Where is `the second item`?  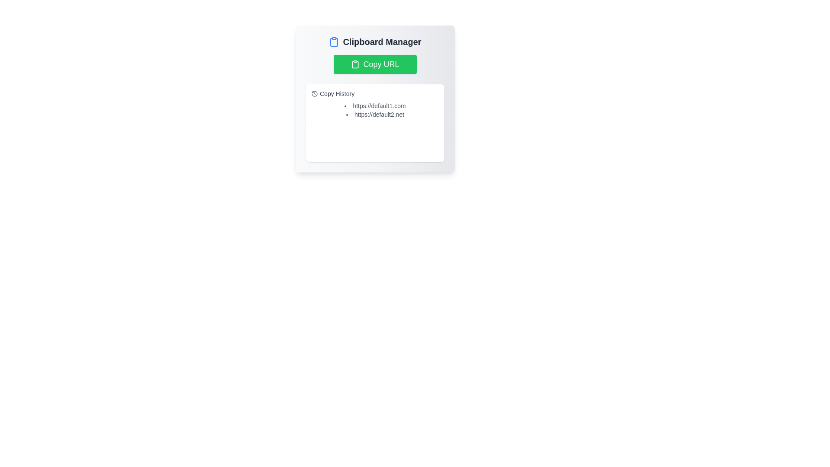 the second item is located at coordinates (375, 114).